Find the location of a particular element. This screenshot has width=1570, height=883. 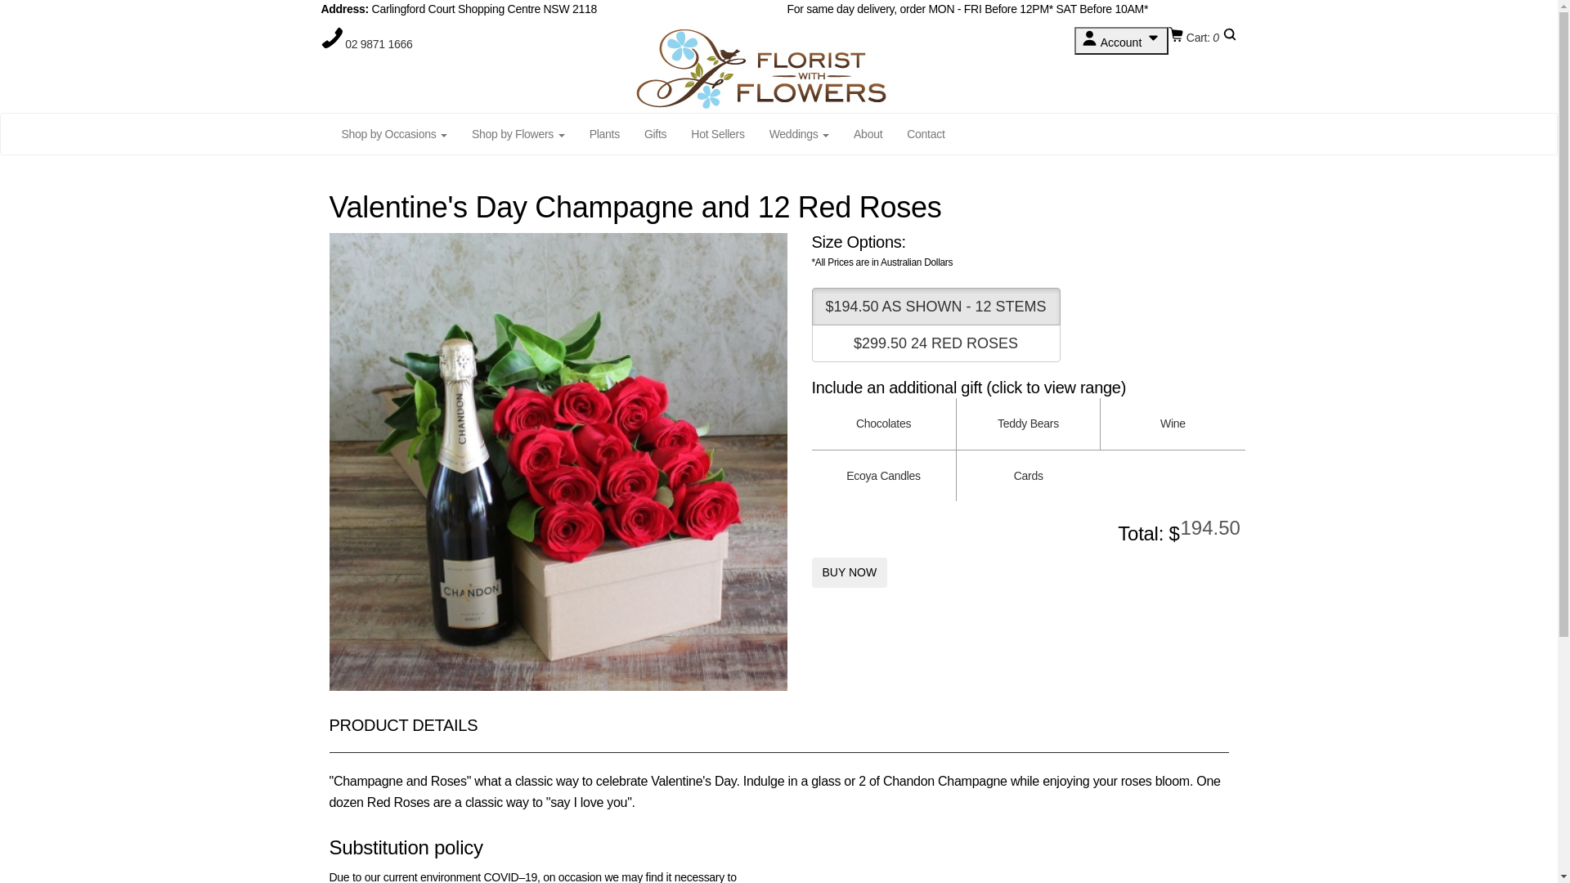

'Weddings' is located at coordinates (756, 133).